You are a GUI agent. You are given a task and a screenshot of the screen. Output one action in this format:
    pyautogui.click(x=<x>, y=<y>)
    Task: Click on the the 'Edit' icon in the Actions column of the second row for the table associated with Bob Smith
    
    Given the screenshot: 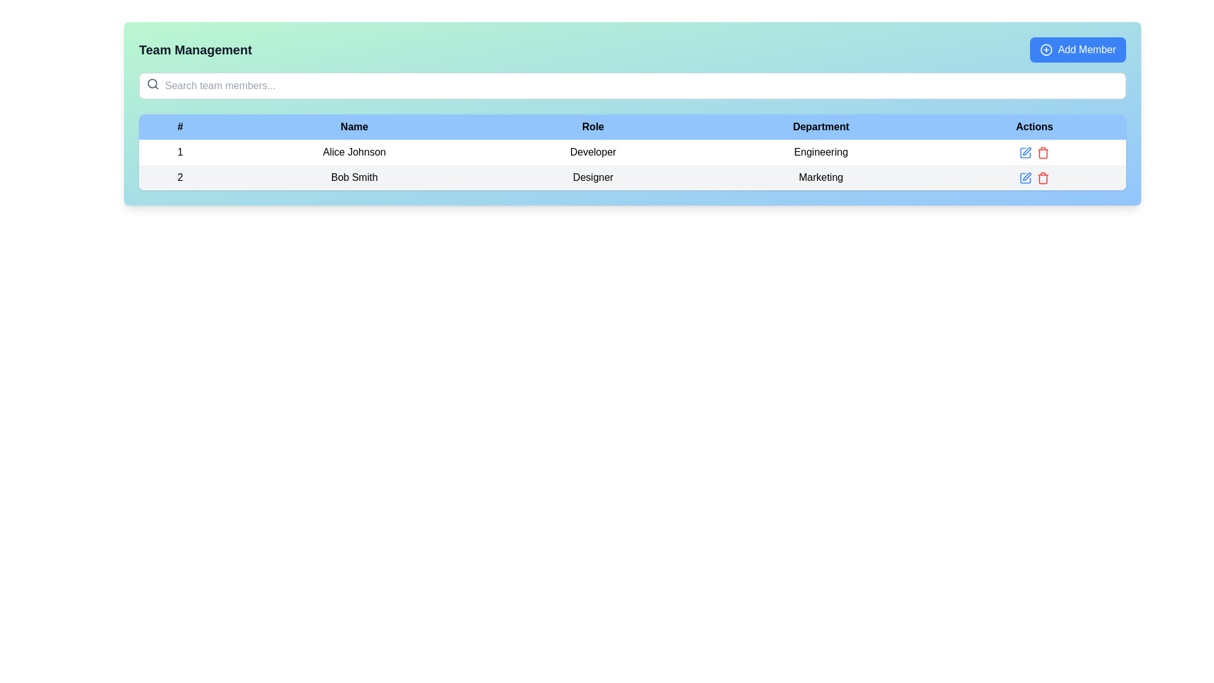 What is the action you would take?
    pyautogui.click(x=1027, y=151)
    